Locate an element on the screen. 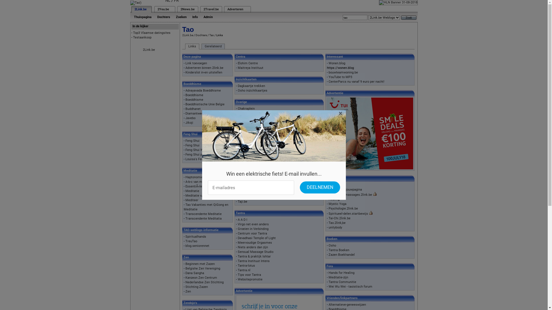 The width and height of the screenshot is (552, 310). 'Tai-Chi.2link.be' is located at coordinates (339, 218).